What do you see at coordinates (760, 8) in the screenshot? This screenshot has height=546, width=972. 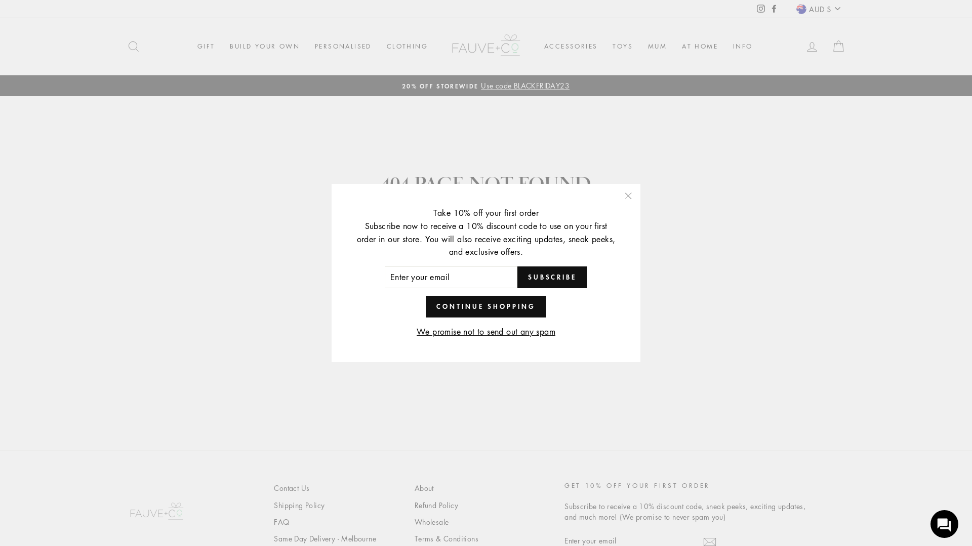 I see `'Instagram'` at bounding box center [760, 8].